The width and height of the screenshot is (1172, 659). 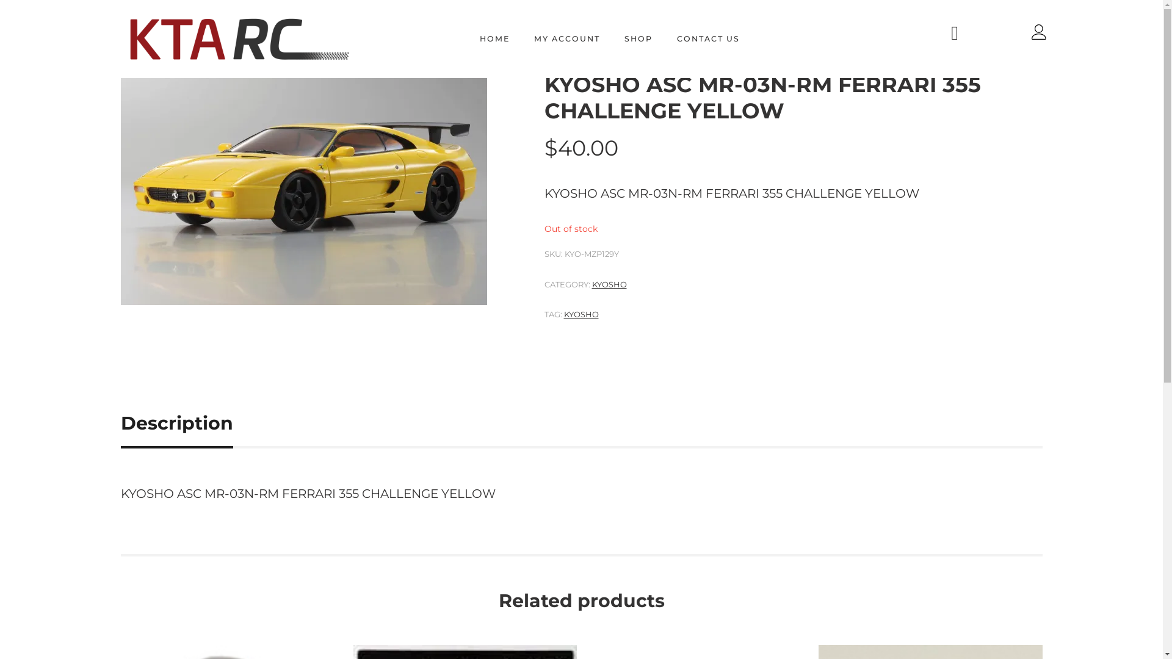 What do you see at coordinates (581, 314) in the screenshot?
I see `'KYOSHO'` at bounding box center [581, 314].